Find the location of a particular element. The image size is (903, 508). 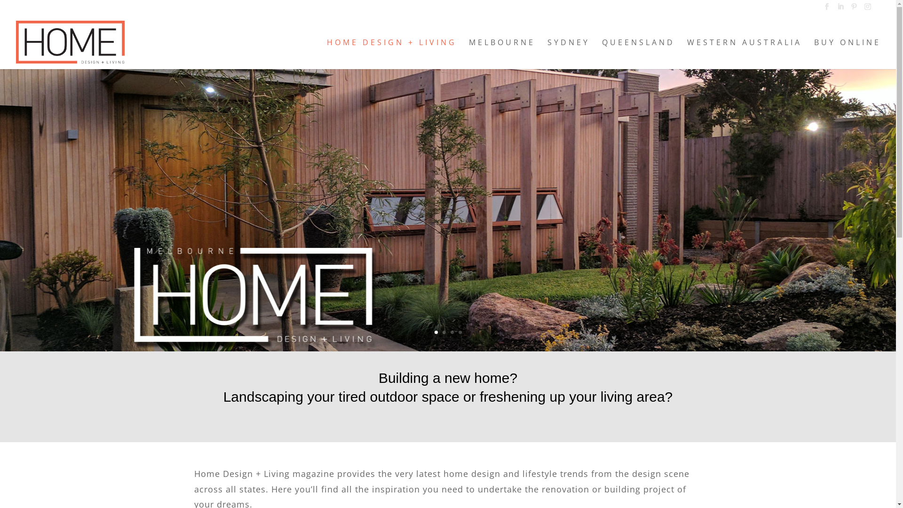

'SYDNEY' is located at coordinates (568, 54).